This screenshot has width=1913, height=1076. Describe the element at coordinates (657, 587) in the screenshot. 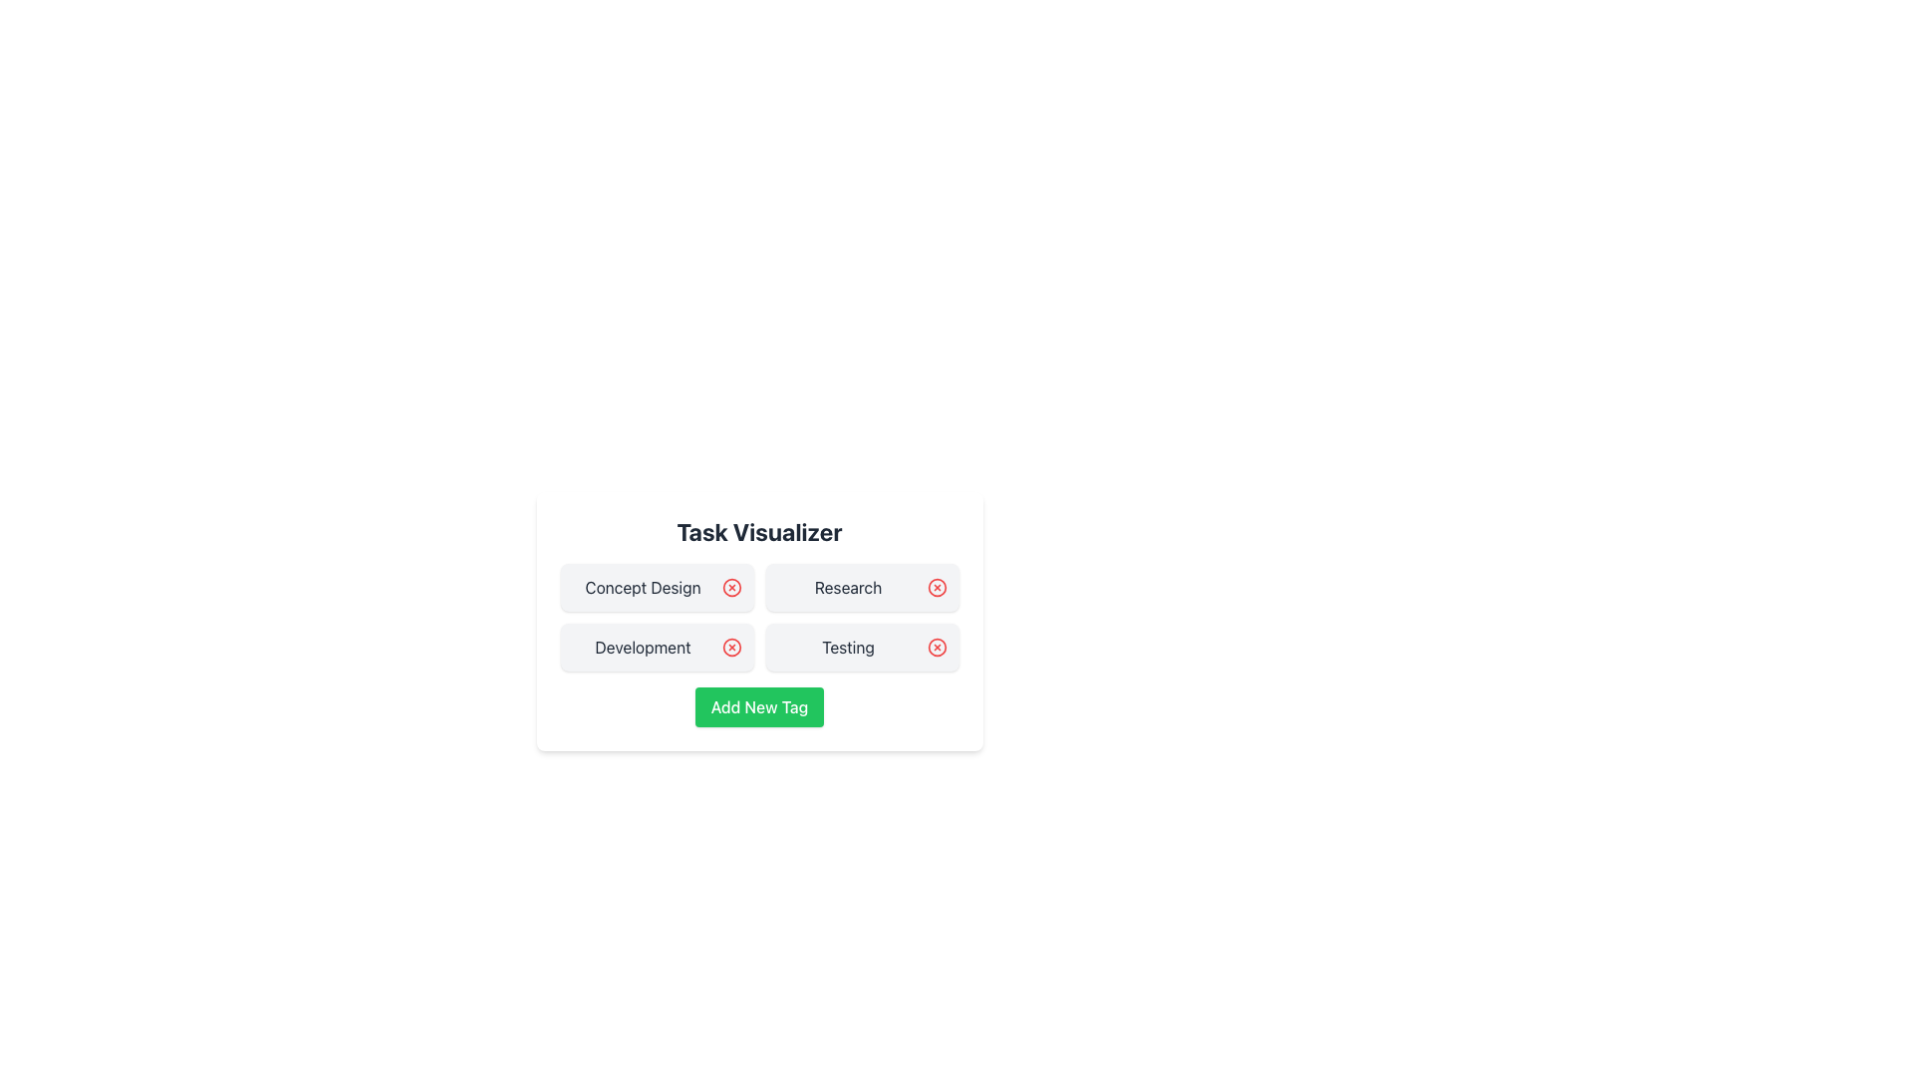

I see `the clickable tag displaying 'Concept Design' with a dark gray font and a red circular icon` at that location.